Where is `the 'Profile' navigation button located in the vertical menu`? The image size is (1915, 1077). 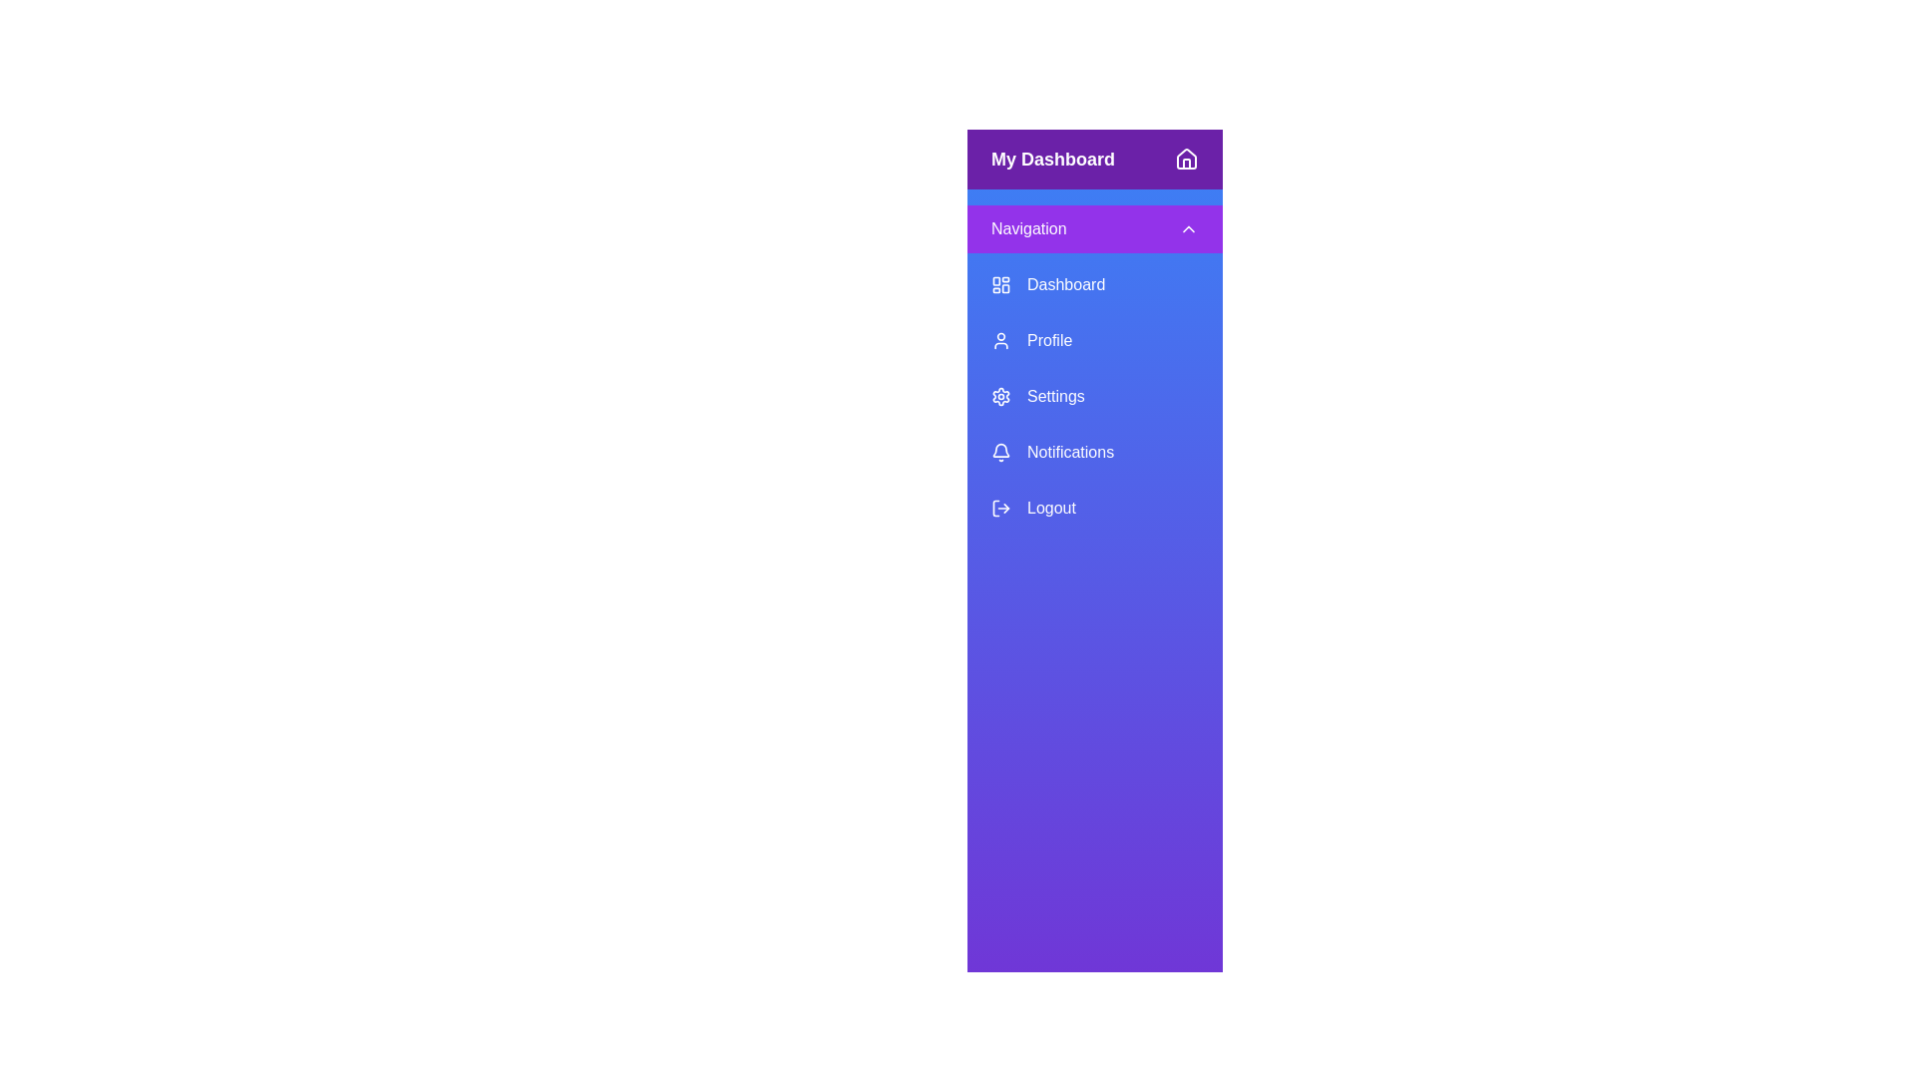 the 'Profile' navigation button located in the vertical menu is located at coordinates (1094, 340).